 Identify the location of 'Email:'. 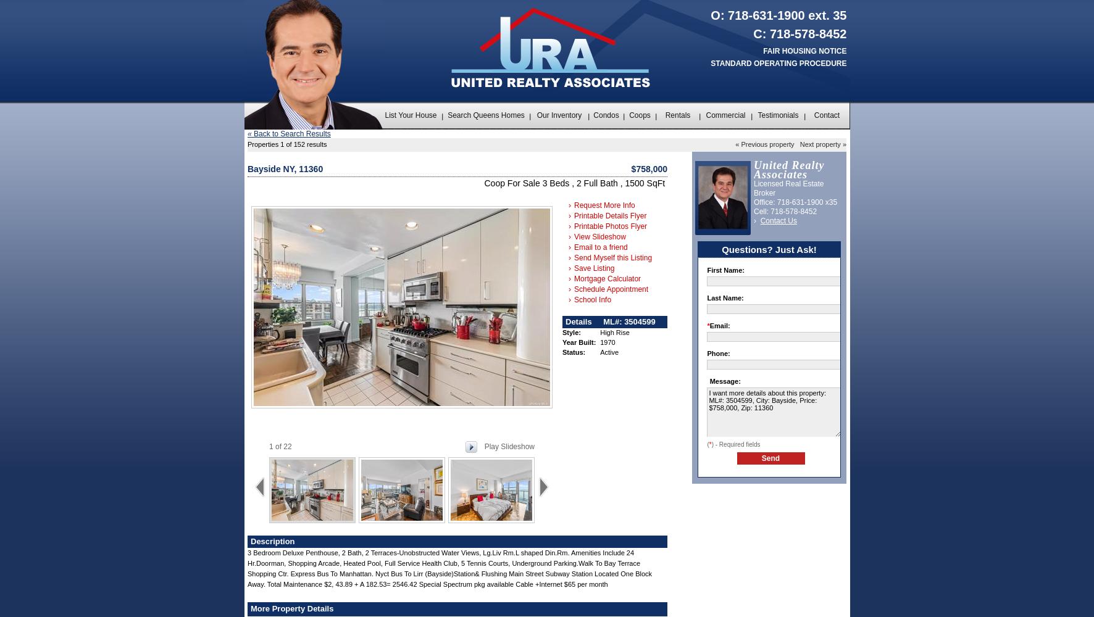
(708, 326).